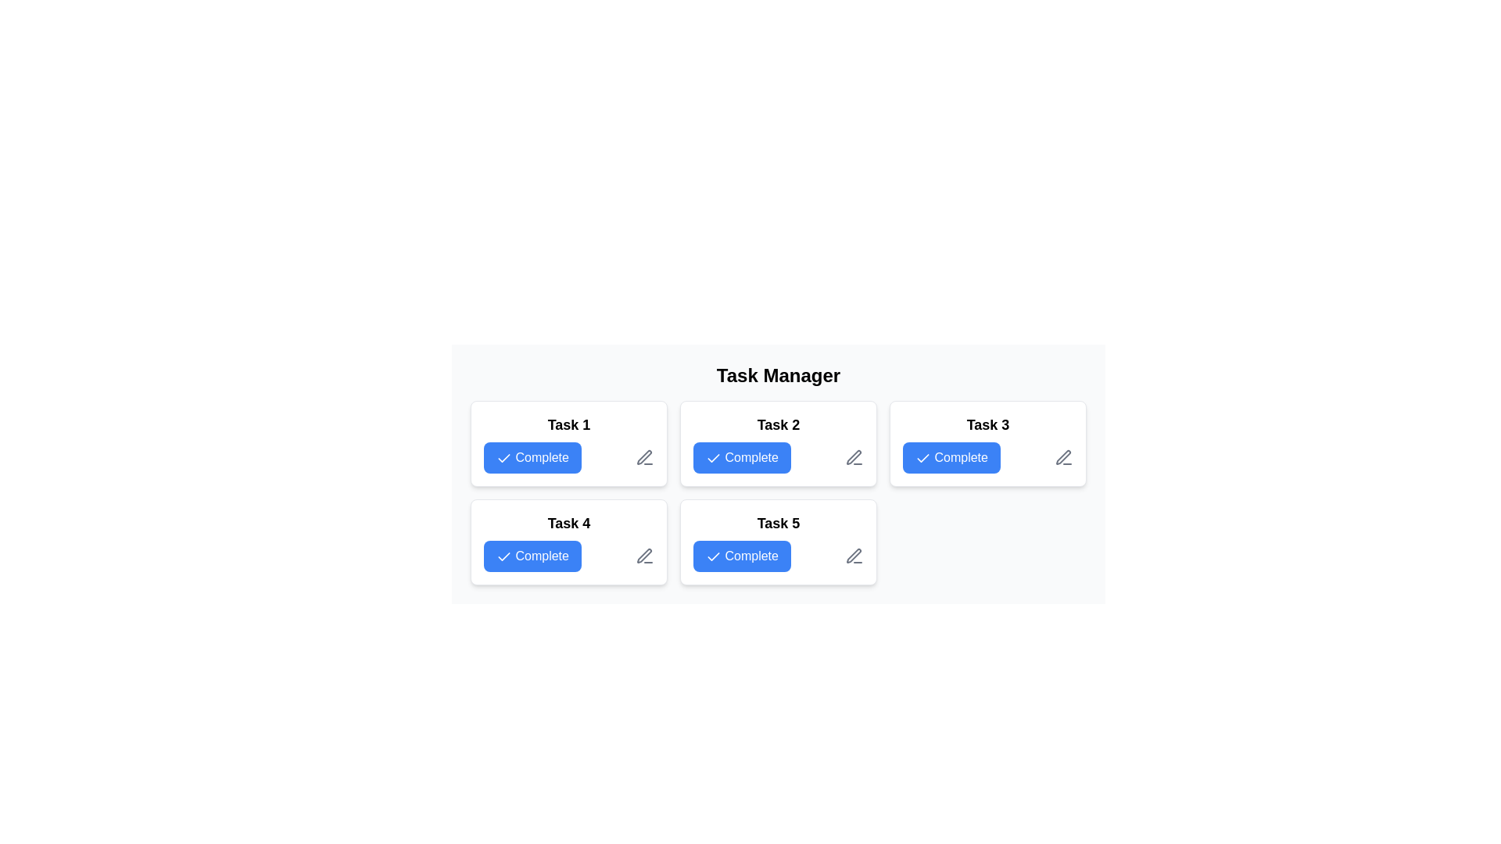 This screenshot has height=844, width=1501. I want to click on the blue 'Complete' button with a checkmark icon located in the fifth card under 'Task Manager' to mark the task as complete, so click(741, 556).